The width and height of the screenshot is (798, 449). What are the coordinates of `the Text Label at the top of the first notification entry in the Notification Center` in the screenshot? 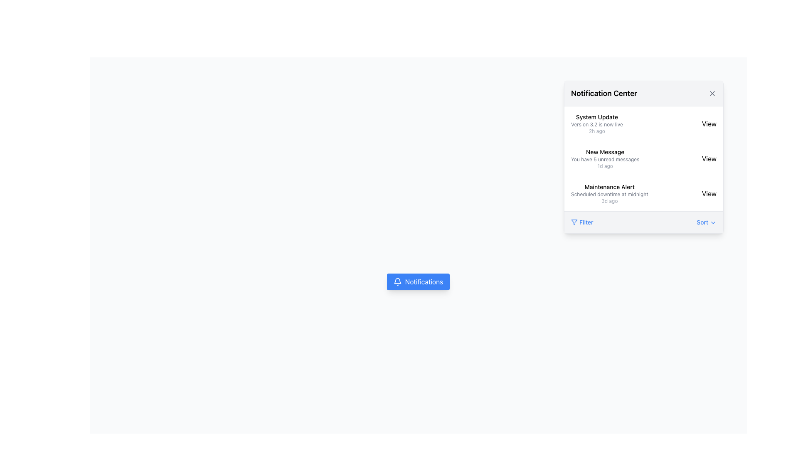 It's located at (596, 117).